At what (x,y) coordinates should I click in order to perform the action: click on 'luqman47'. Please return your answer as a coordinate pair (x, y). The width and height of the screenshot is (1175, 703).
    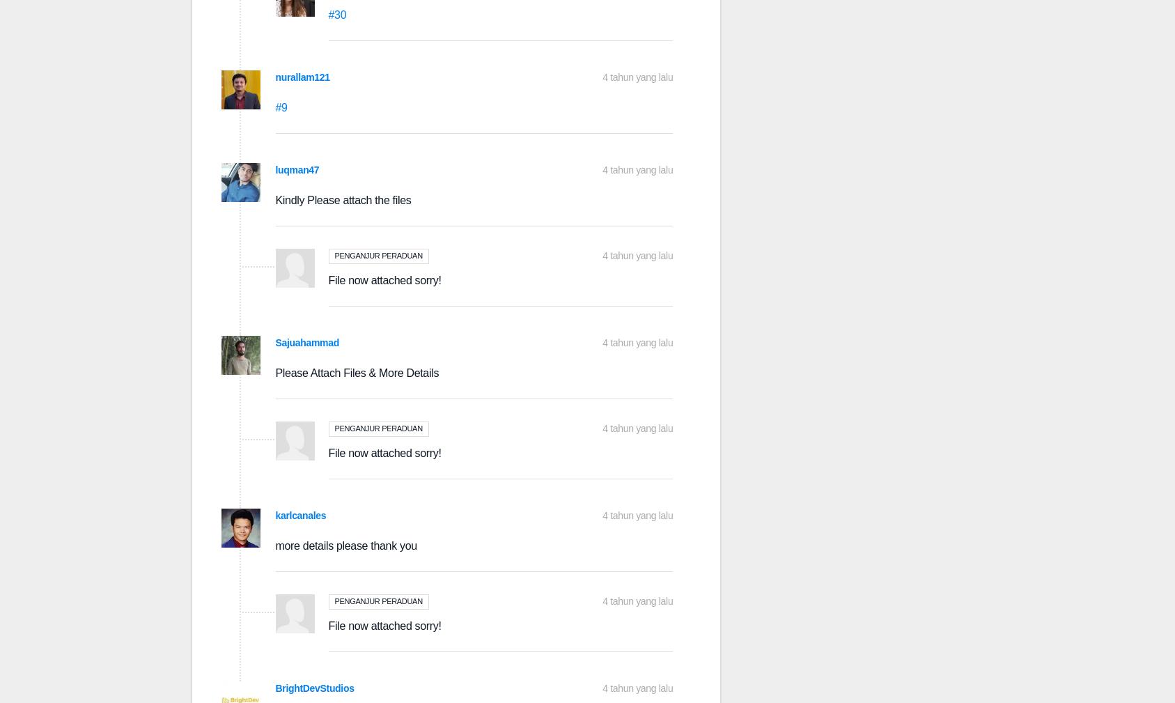
    Looking at the image, I should click on (297, 169).